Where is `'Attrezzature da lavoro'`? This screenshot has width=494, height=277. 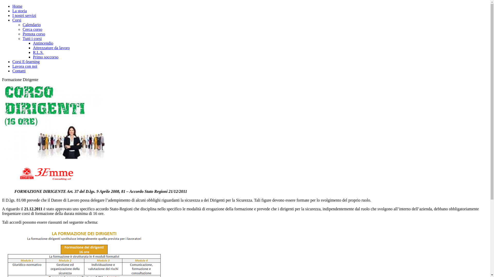 'Attrezzature da lavoro' is located at coordinates (51, 48).